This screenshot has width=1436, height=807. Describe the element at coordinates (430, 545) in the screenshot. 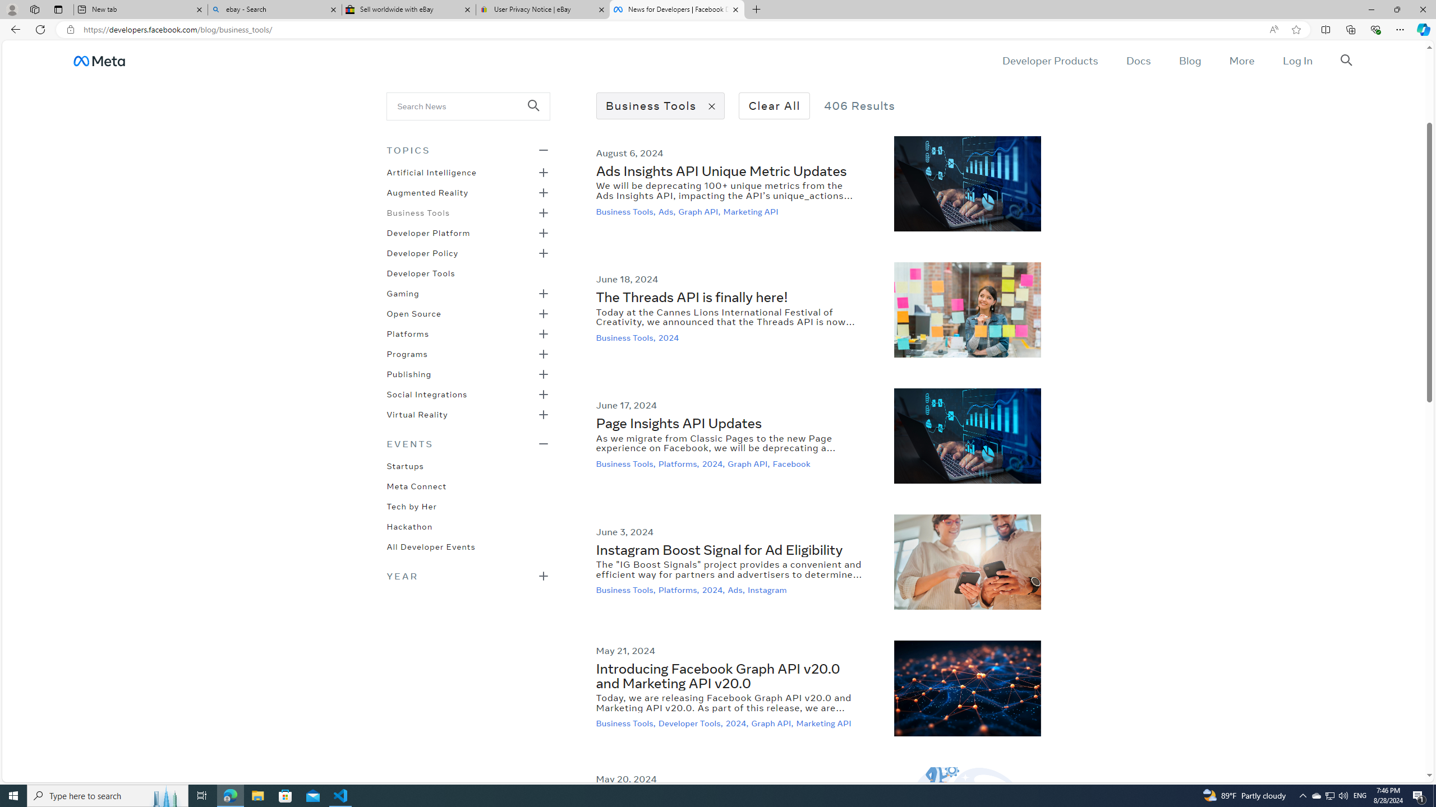

I see `'All Developer Events'` at that location.